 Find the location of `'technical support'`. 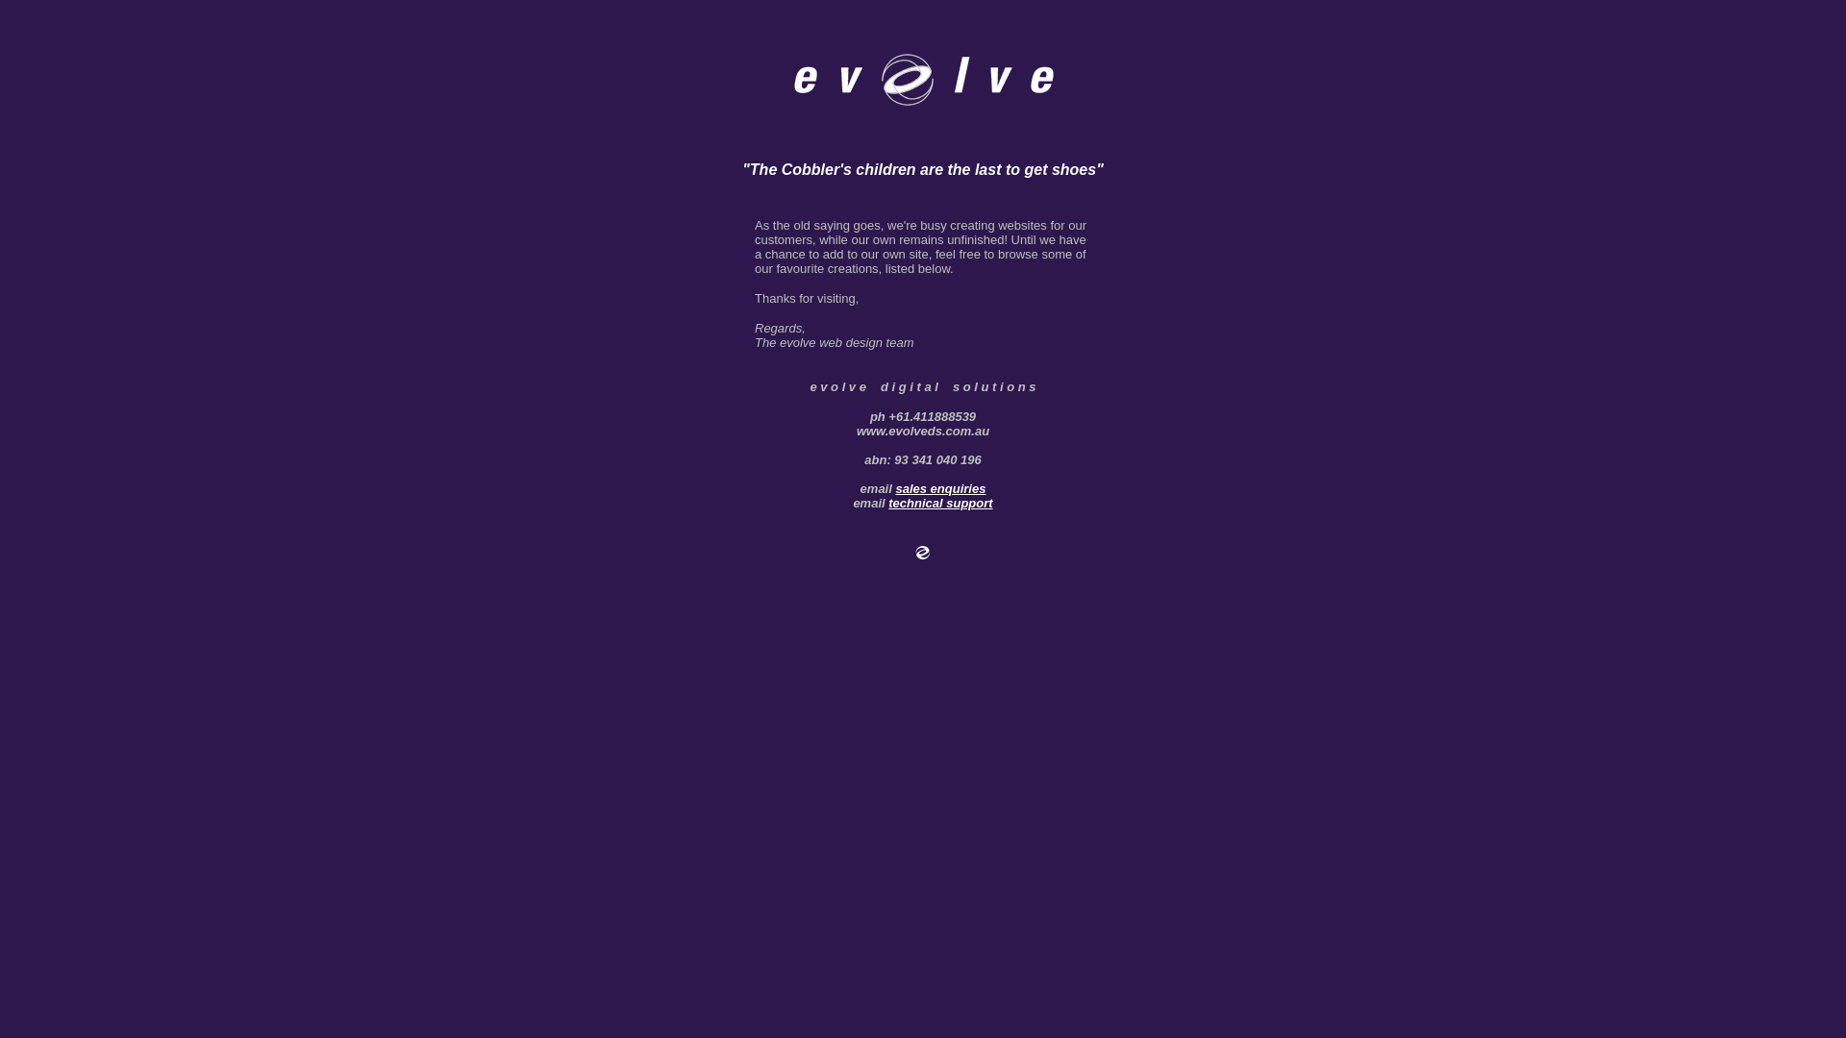

'technical support' is located at coordinates (940, 502).